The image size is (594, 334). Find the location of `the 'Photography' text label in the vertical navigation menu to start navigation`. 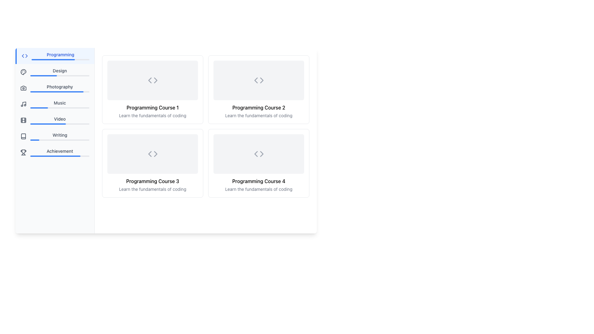

the 'Photography' text label in the vertical navigation menu to start navigation is located at coordinates (60, 87).